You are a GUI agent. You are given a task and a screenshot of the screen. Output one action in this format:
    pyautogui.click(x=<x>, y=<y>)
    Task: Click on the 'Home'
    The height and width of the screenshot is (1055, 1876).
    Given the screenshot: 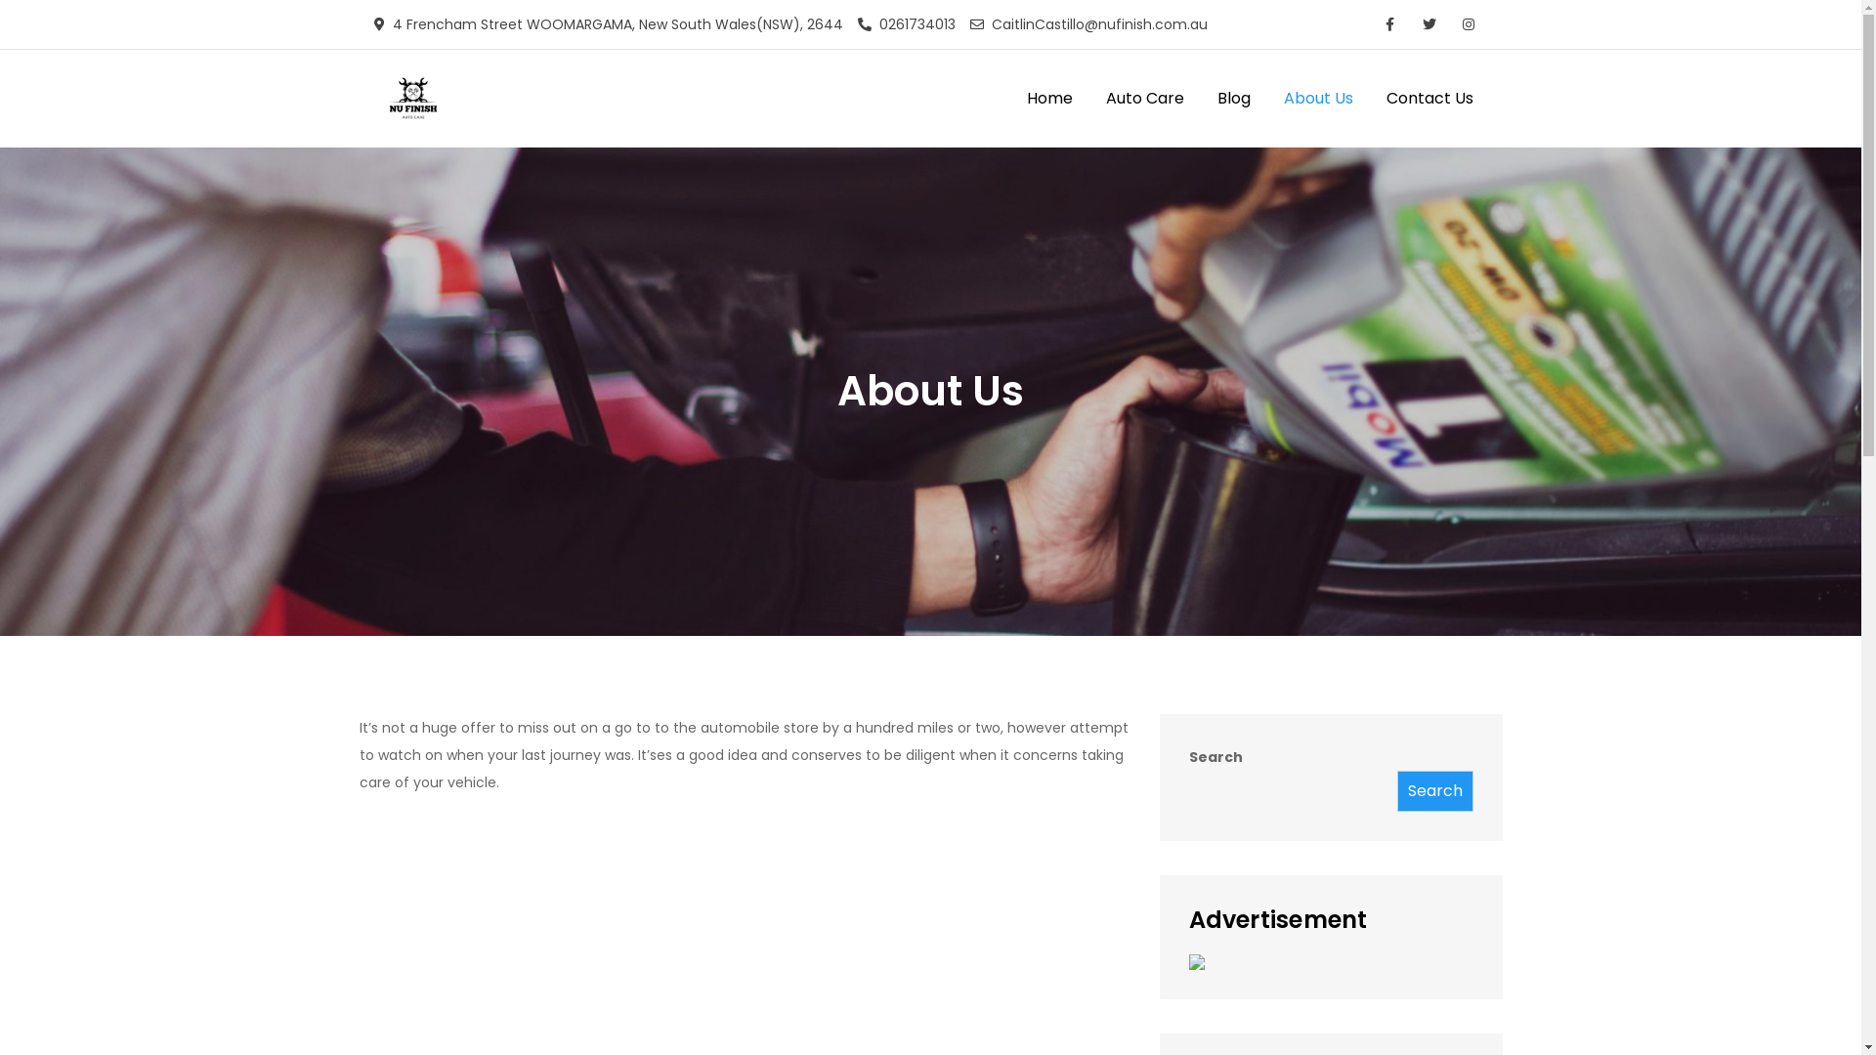 What is the action you would take?
    pyautogui.click(x=1048, y=98)
    